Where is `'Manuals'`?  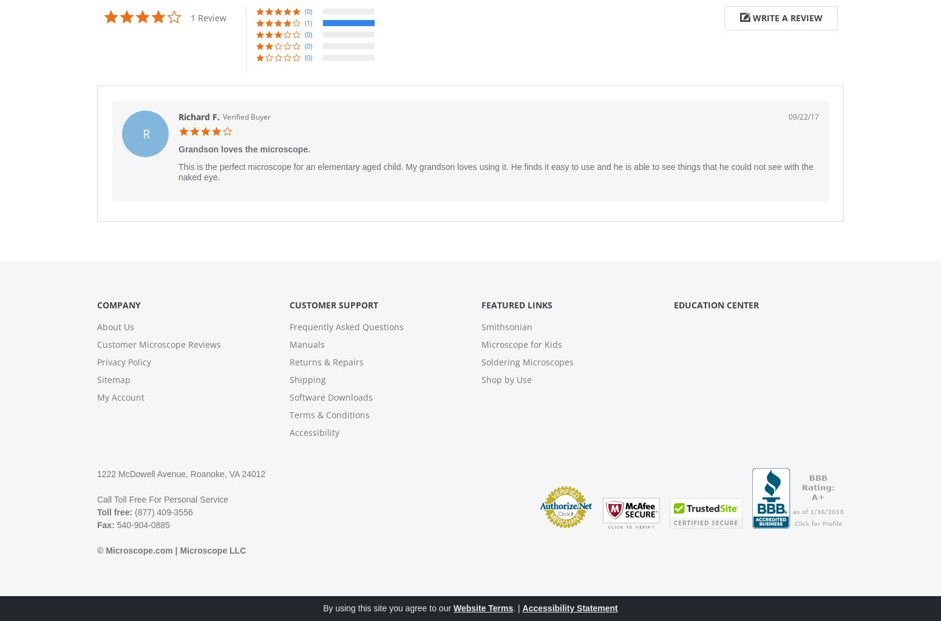 'Manuals' is located at coordinates (305, 344).